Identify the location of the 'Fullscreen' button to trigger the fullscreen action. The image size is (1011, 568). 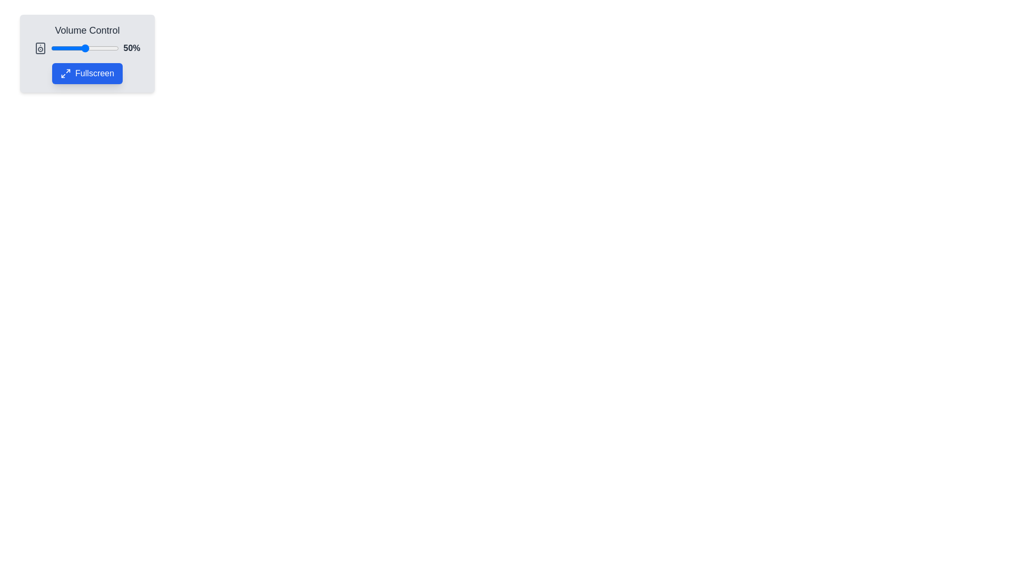
(87, 73).